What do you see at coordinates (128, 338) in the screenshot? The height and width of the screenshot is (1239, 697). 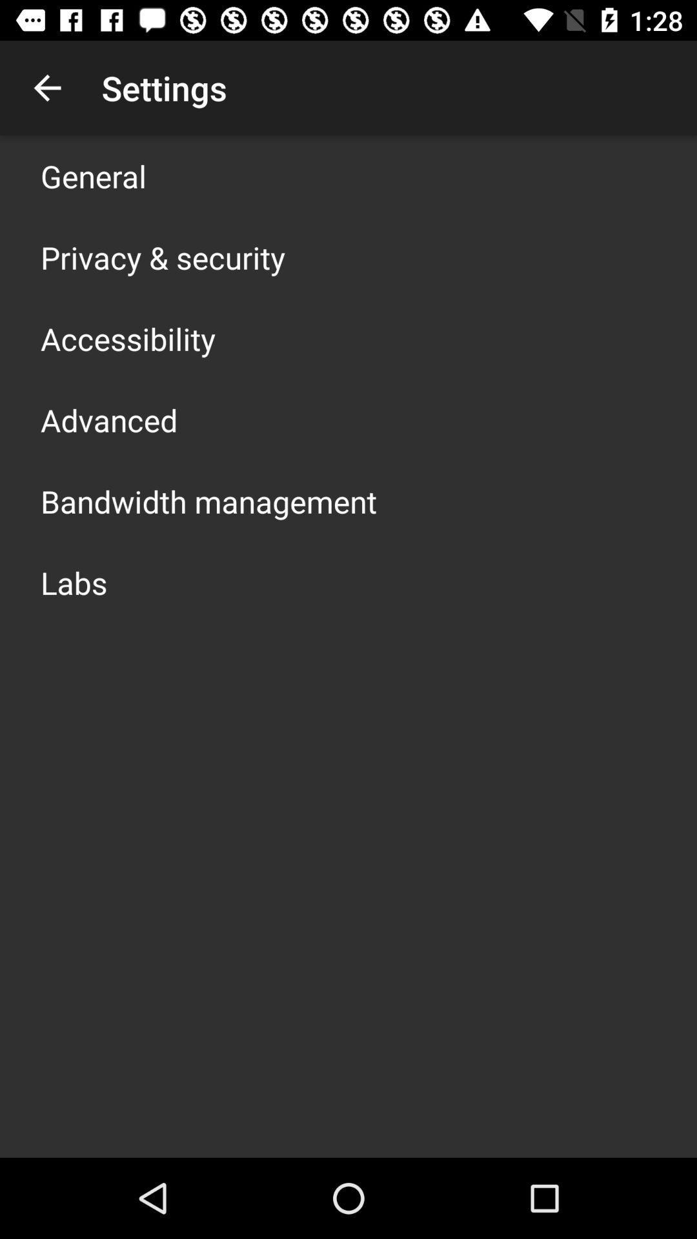 I see `the icon below the privacy & security icon` at bounding box center [128, 338].